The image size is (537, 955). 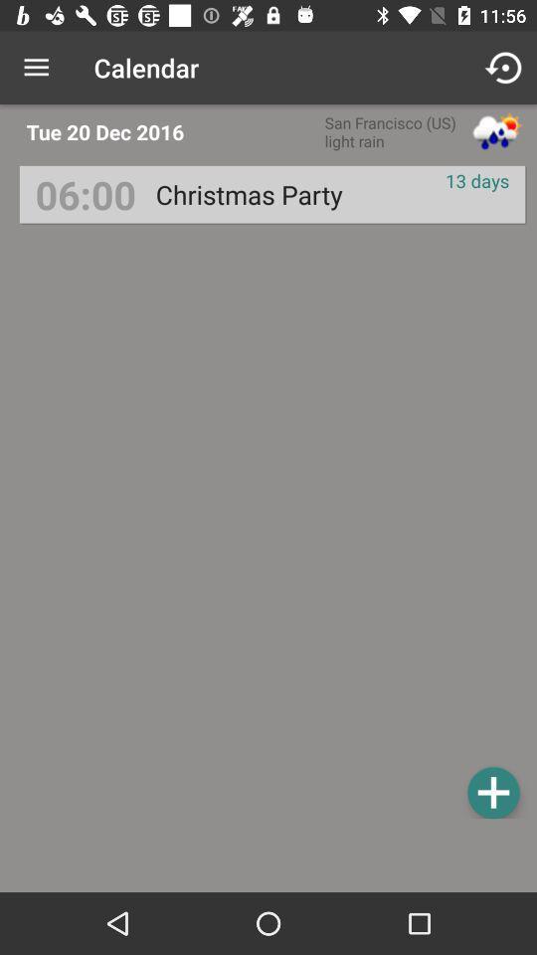 I want to click on item to the right of the christmas party, so click(x=476, y=180).